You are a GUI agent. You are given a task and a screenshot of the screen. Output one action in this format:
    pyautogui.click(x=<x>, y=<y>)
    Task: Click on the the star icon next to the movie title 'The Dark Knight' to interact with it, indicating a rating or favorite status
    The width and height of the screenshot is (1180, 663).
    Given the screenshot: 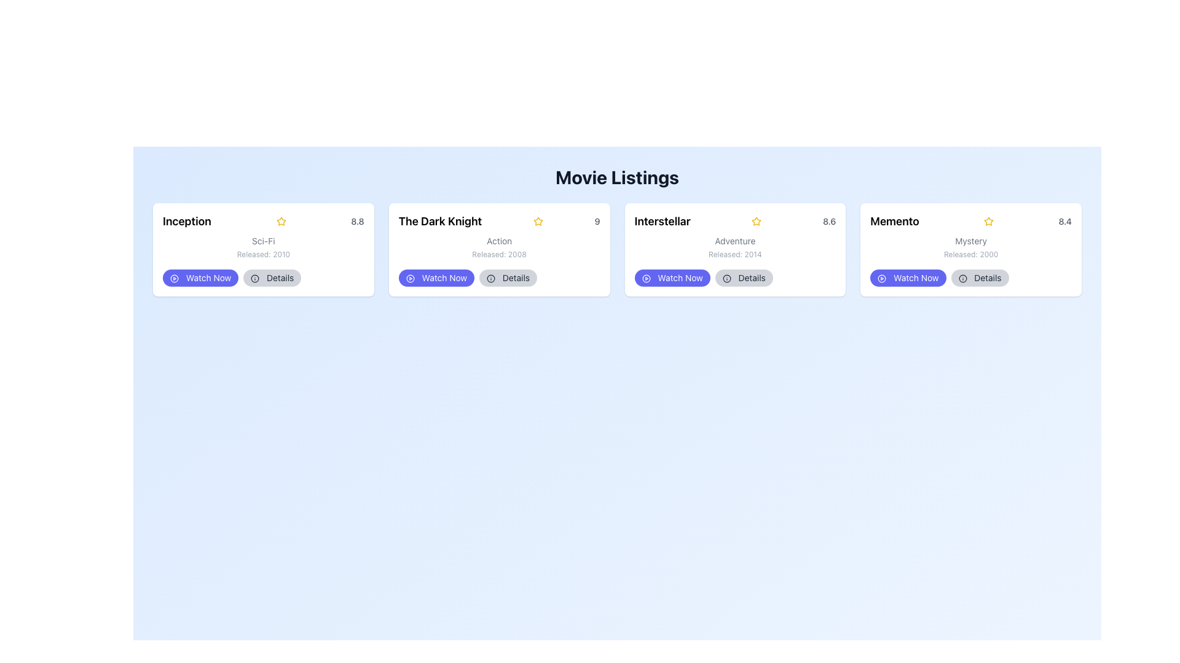 What is the action you would take?
    pyautogui.click(x=538, y=222)
    